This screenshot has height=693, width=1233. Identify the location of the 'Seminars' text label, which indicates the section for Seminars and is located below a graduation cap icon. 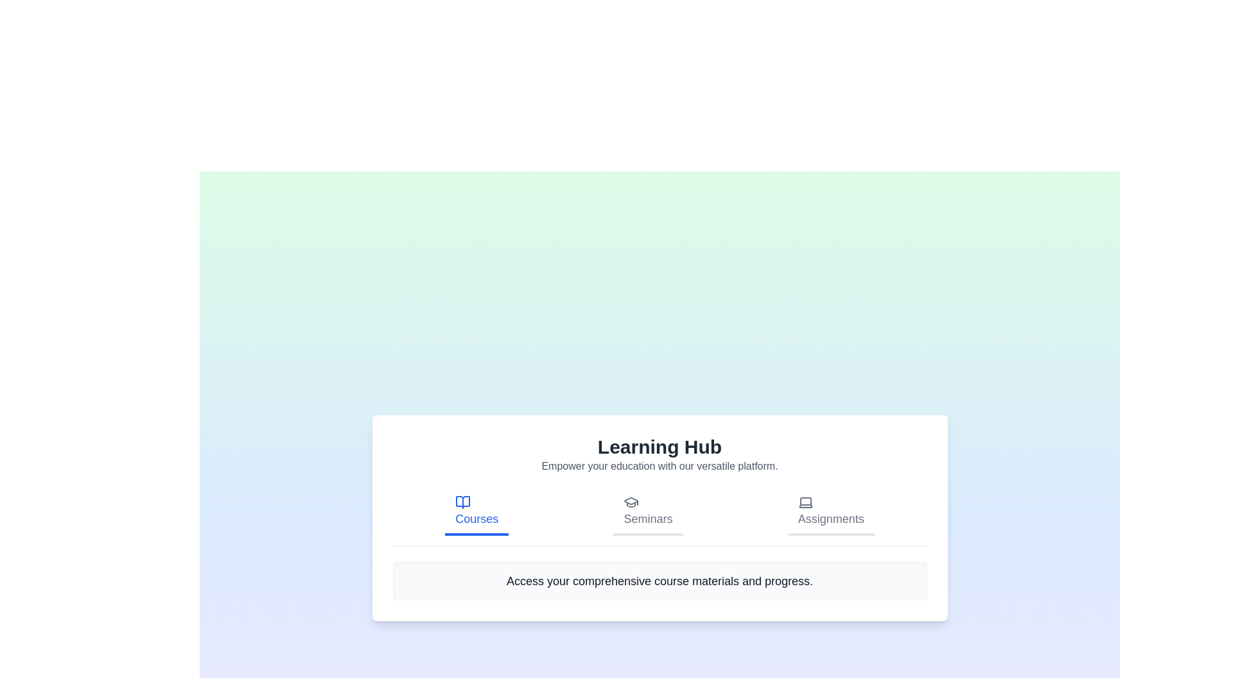
(648, 518).